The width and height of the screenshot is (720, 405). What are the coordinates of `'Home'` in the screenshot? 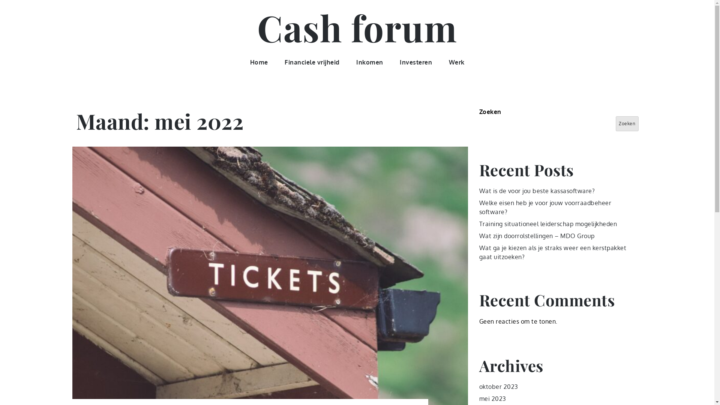 It's located at (259, 61).